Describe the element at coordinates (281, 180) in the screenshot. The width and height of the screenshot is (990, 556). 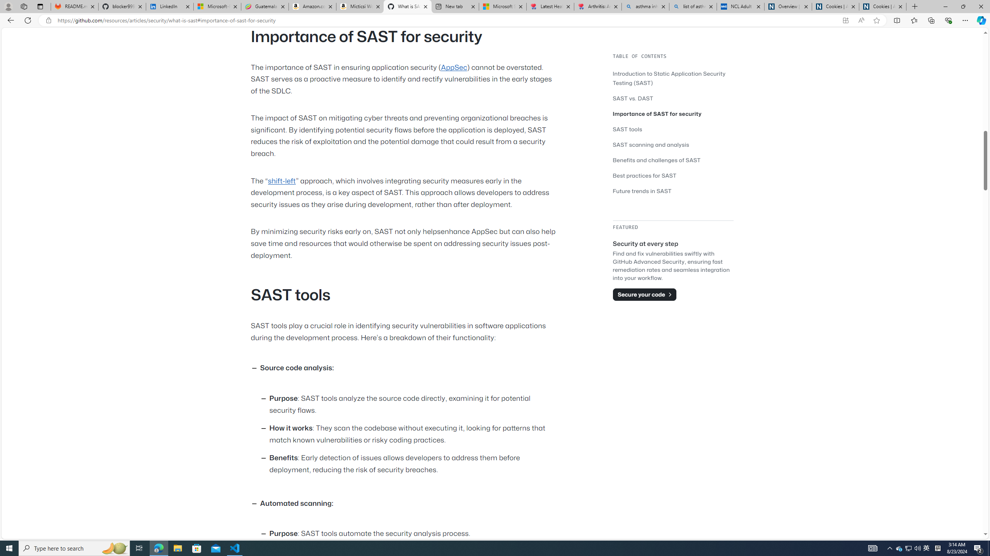
I see `'shift-left'` at that location.